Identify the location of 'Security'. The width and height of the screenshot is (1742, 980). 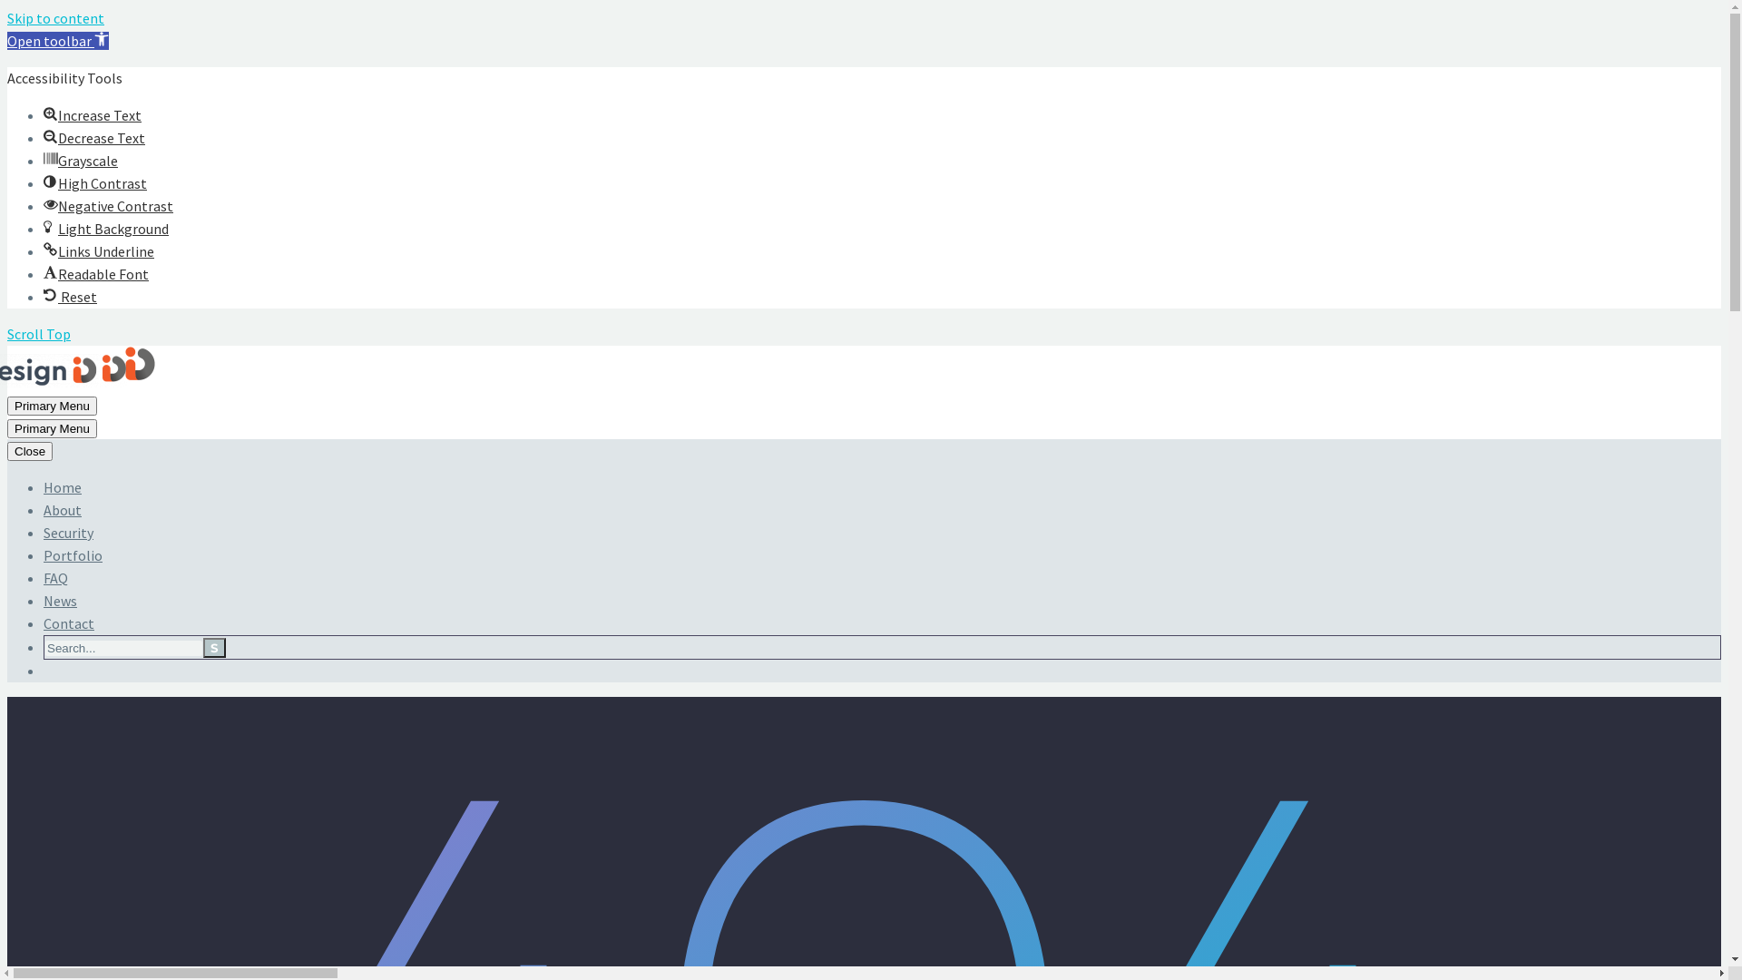
(68, 531).